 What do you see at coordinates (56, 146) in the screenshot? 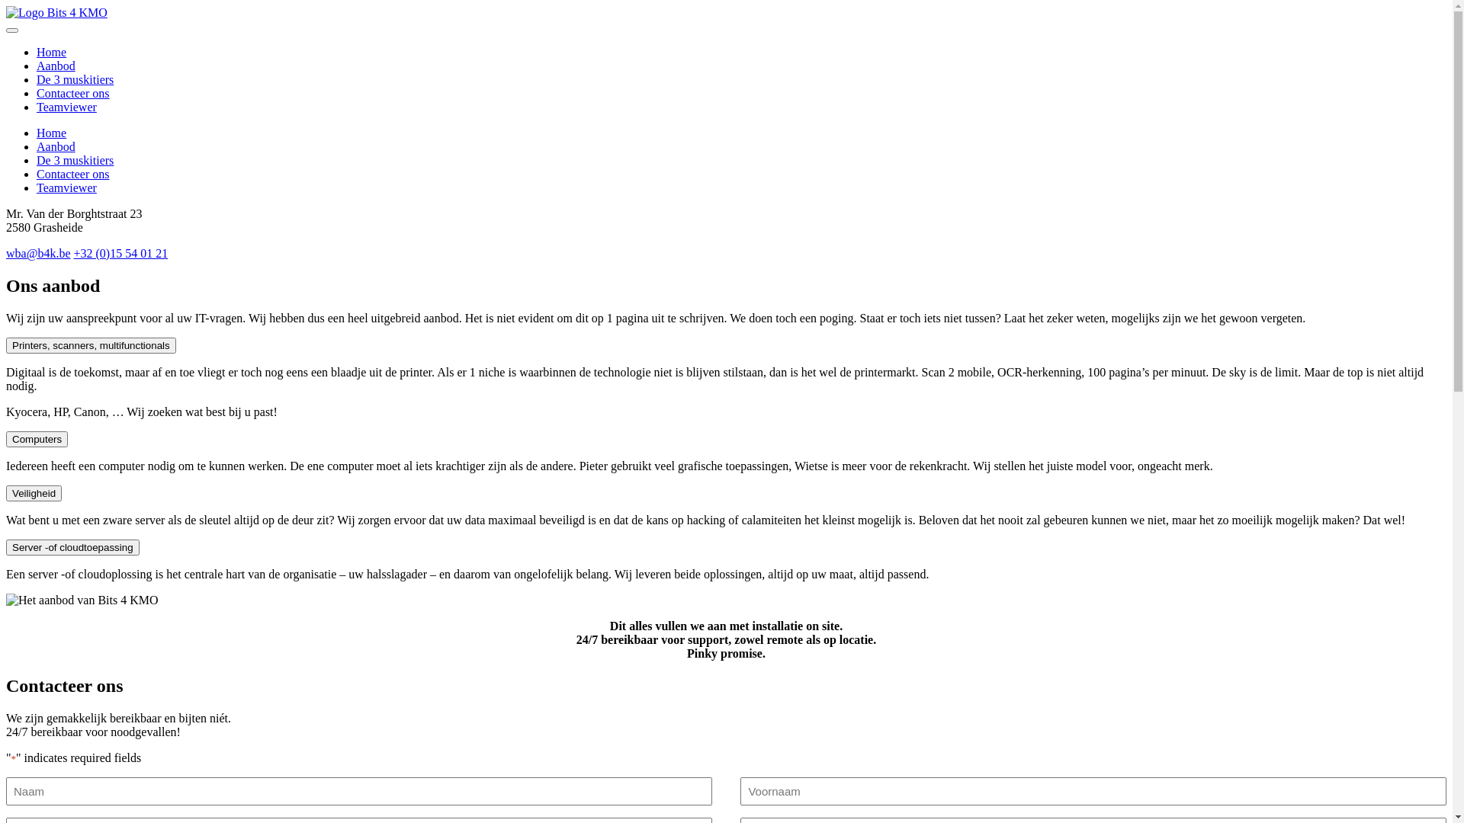
I see `'Aanbod'` at bounding box center [56, 146].